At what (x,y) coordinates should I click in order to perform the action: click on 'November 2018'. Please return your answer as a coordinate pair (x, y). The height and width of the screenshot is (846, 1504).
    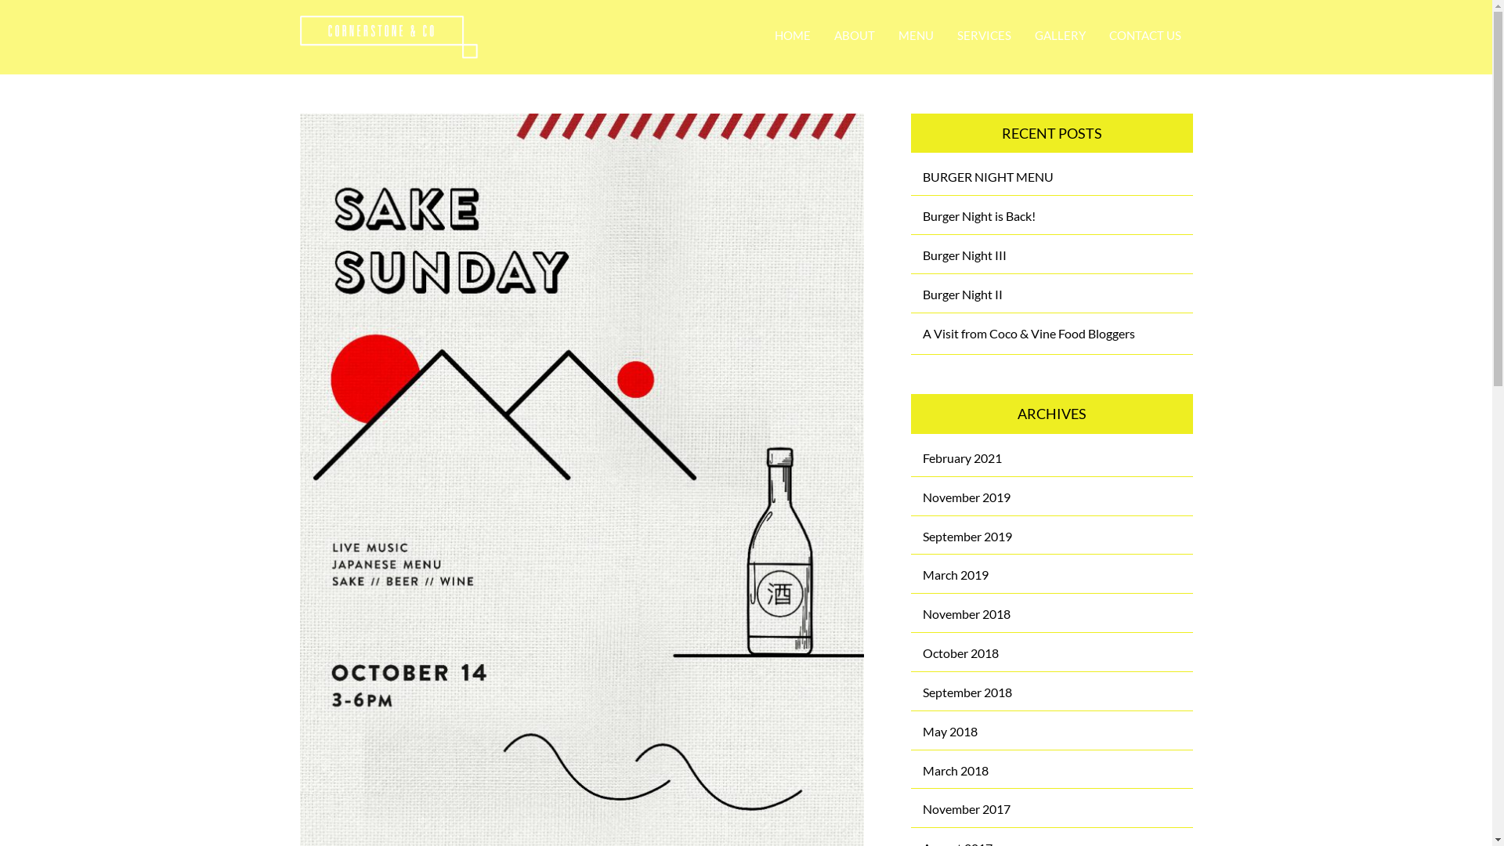
    Looking at the image, I should click on (965, 613).